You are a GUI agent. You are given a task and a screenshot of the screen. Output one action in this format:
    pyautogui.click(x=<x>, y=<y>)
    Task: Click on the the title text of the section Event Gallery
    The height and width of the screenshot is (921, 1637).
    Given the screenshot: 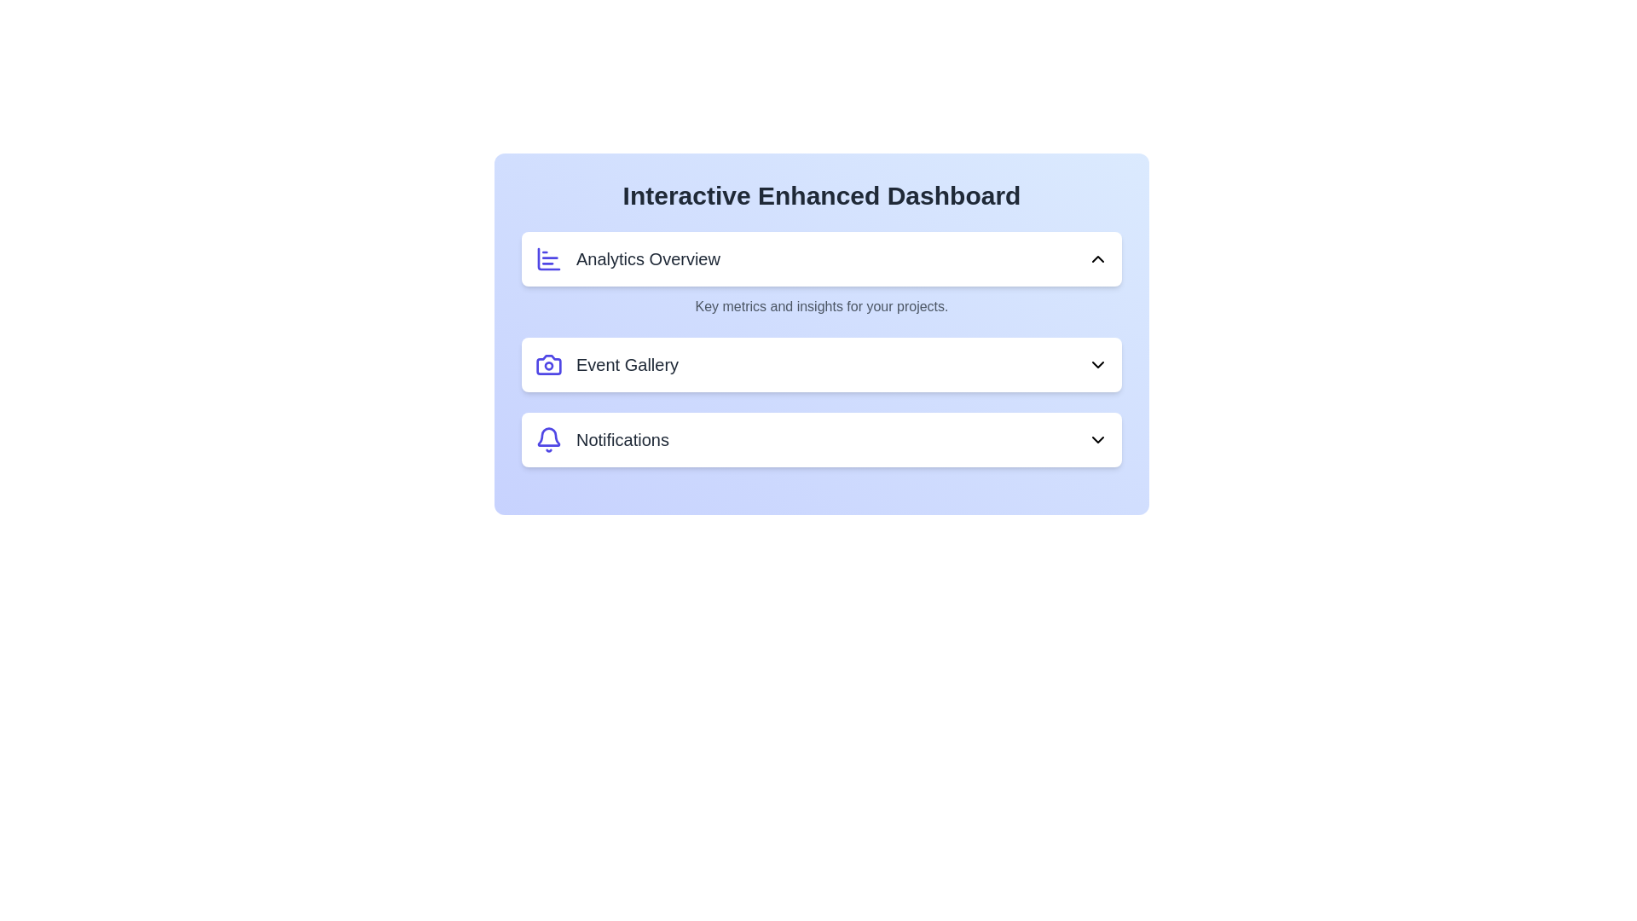 What is the action you would take?
    pyautogui.click(x=822, y=364)
    